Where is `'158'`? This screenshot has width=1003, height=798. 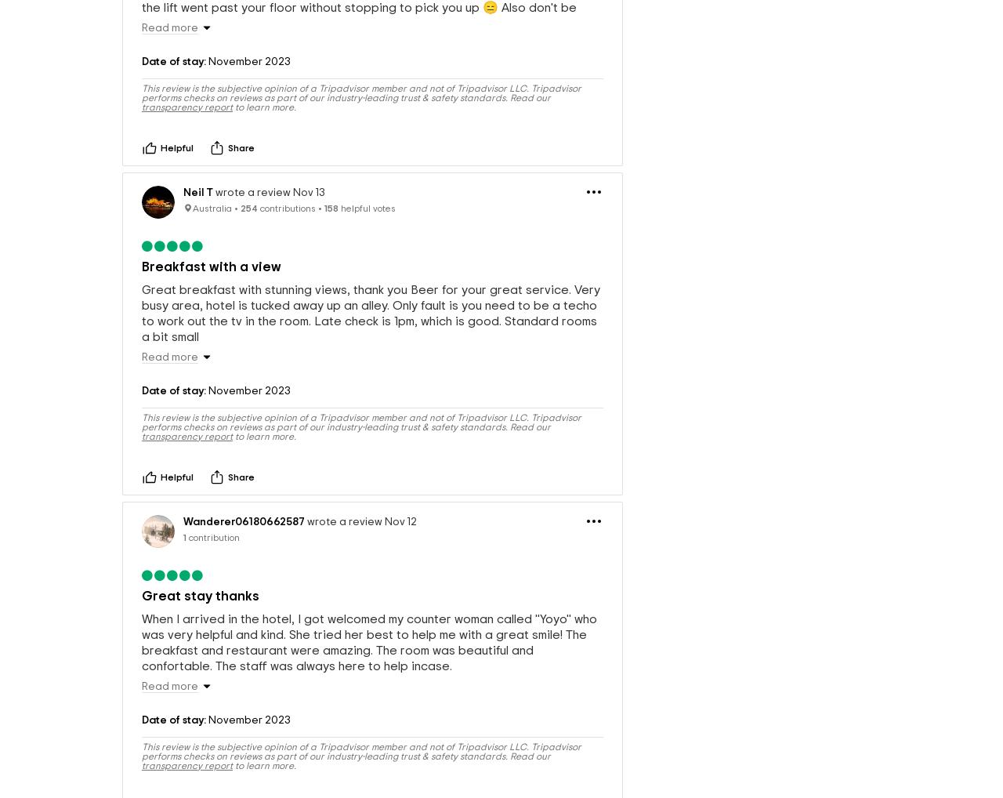 '158' is located at coordinates (323, 249).